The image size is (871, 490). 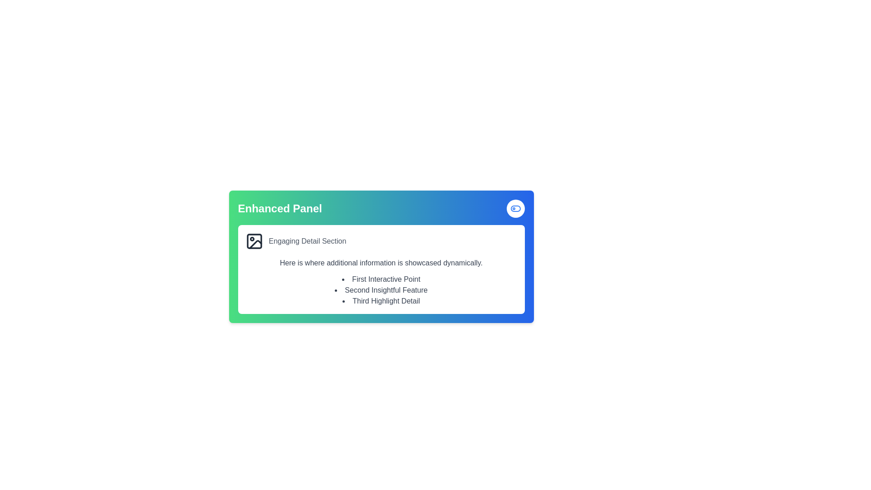 What do you see at coordinates (381, 301) in the screenshot?
I see `descriptive text label that is the third item in the bulleted list under 'Enhanced Panel' and 'Engaging Detail Section'` at bounding box center [381, 301].